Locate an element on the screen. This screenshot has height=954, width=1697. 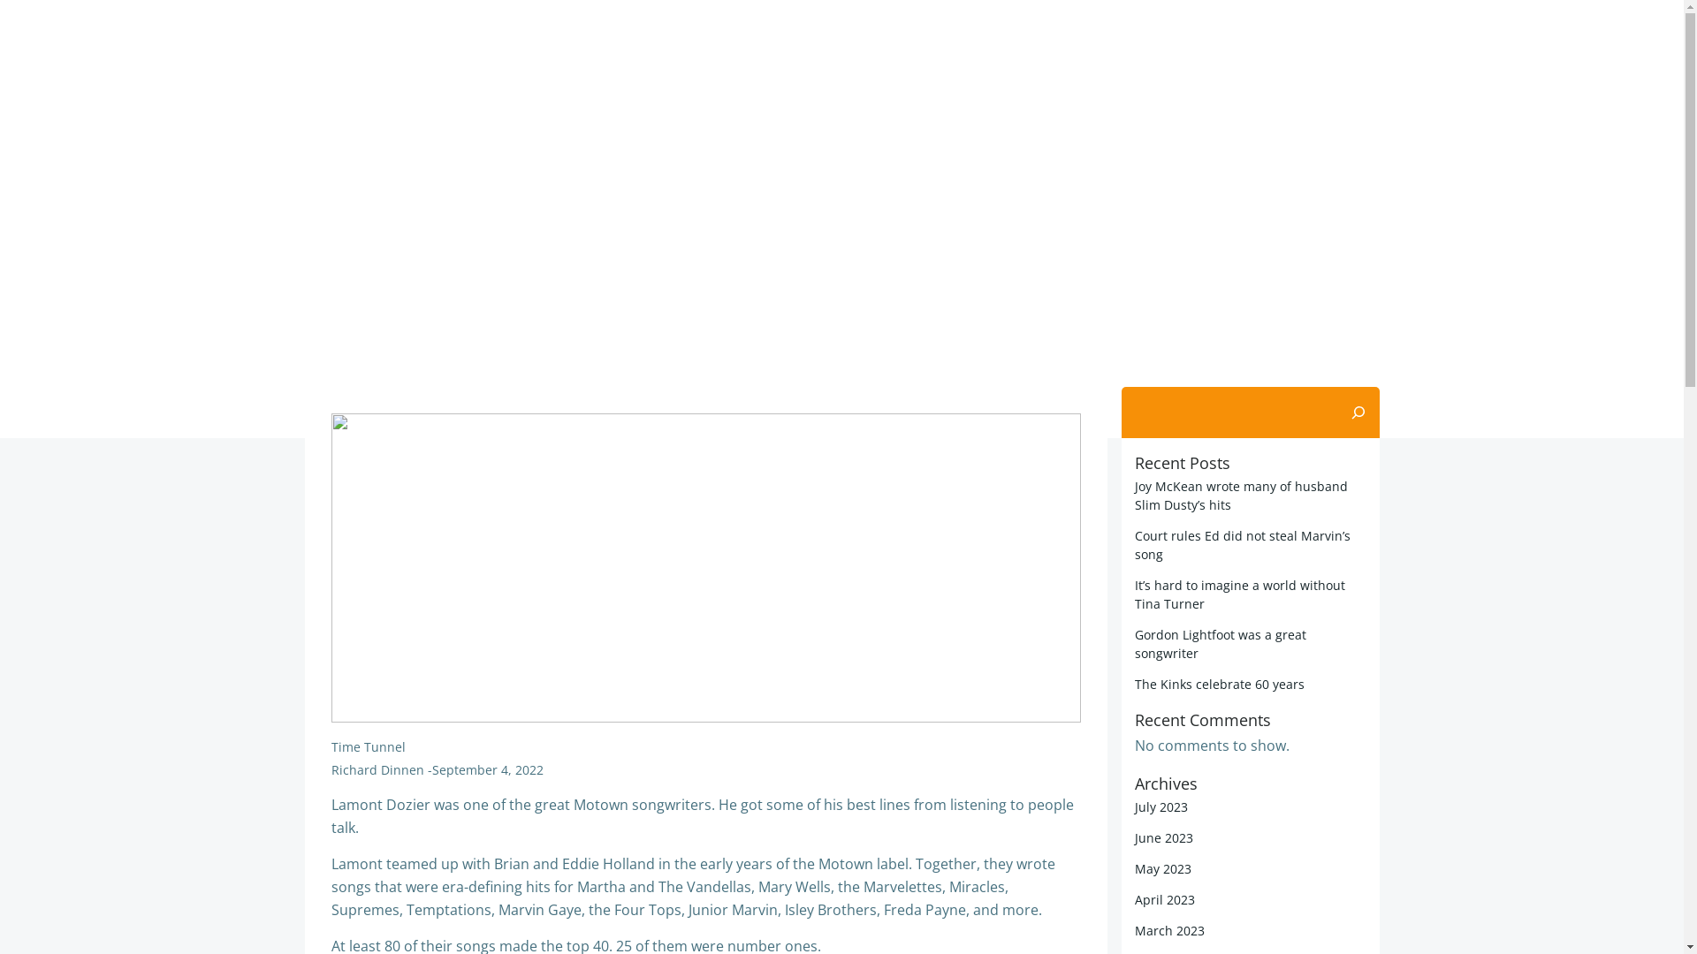
'The Kinks celebrate 60 years' is located at coordinates (1134, 683).